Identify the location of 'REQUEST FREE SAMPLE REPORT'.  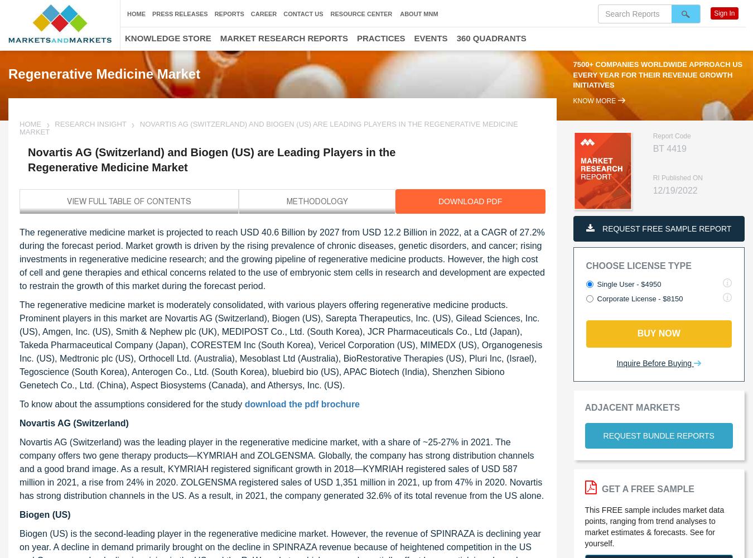
(600, 229).